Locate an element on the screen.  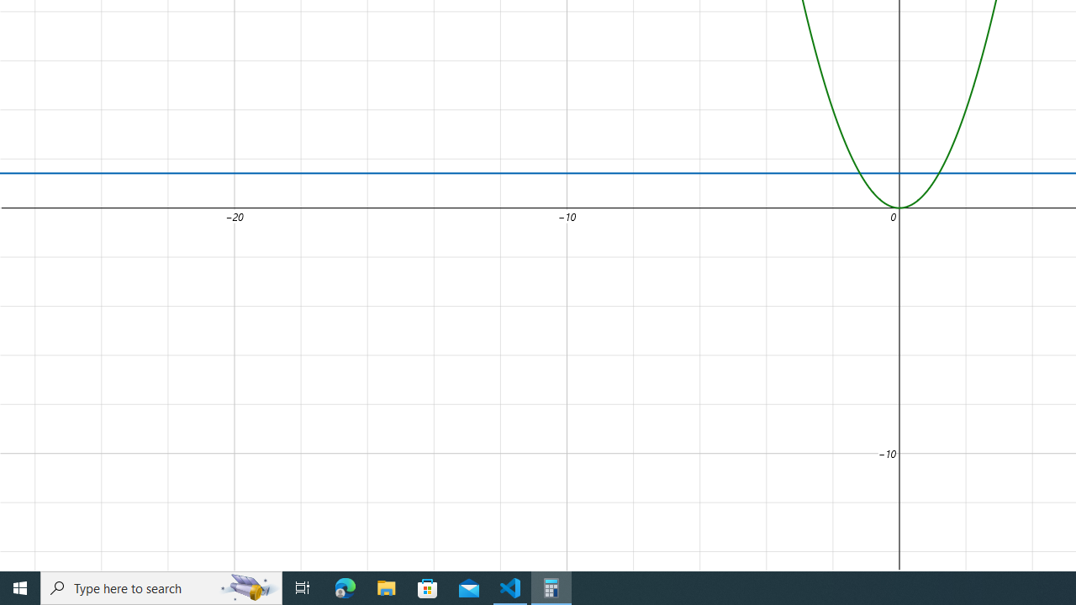
'Calculator - 1 running window' is located at coordinates (551, 587).